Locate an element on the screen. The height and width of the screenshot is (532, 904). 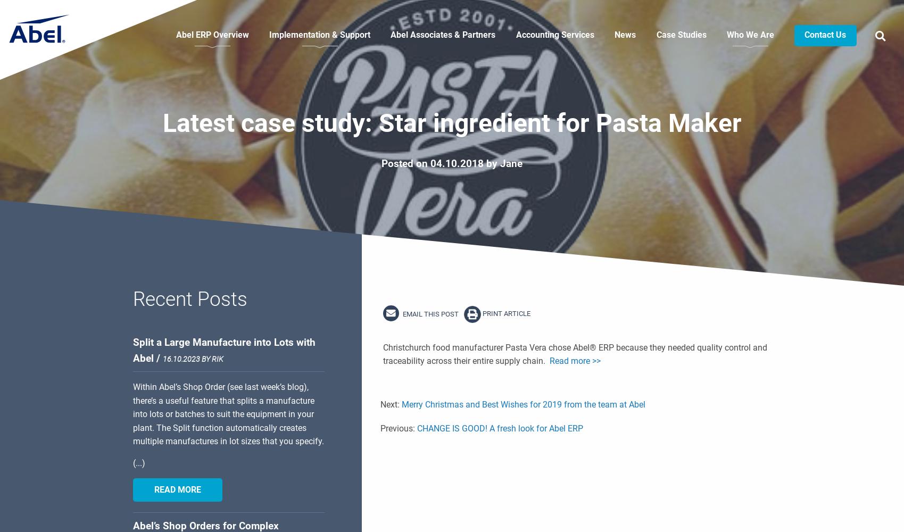
'Accounting Services' is located at coordinates (554, 34).